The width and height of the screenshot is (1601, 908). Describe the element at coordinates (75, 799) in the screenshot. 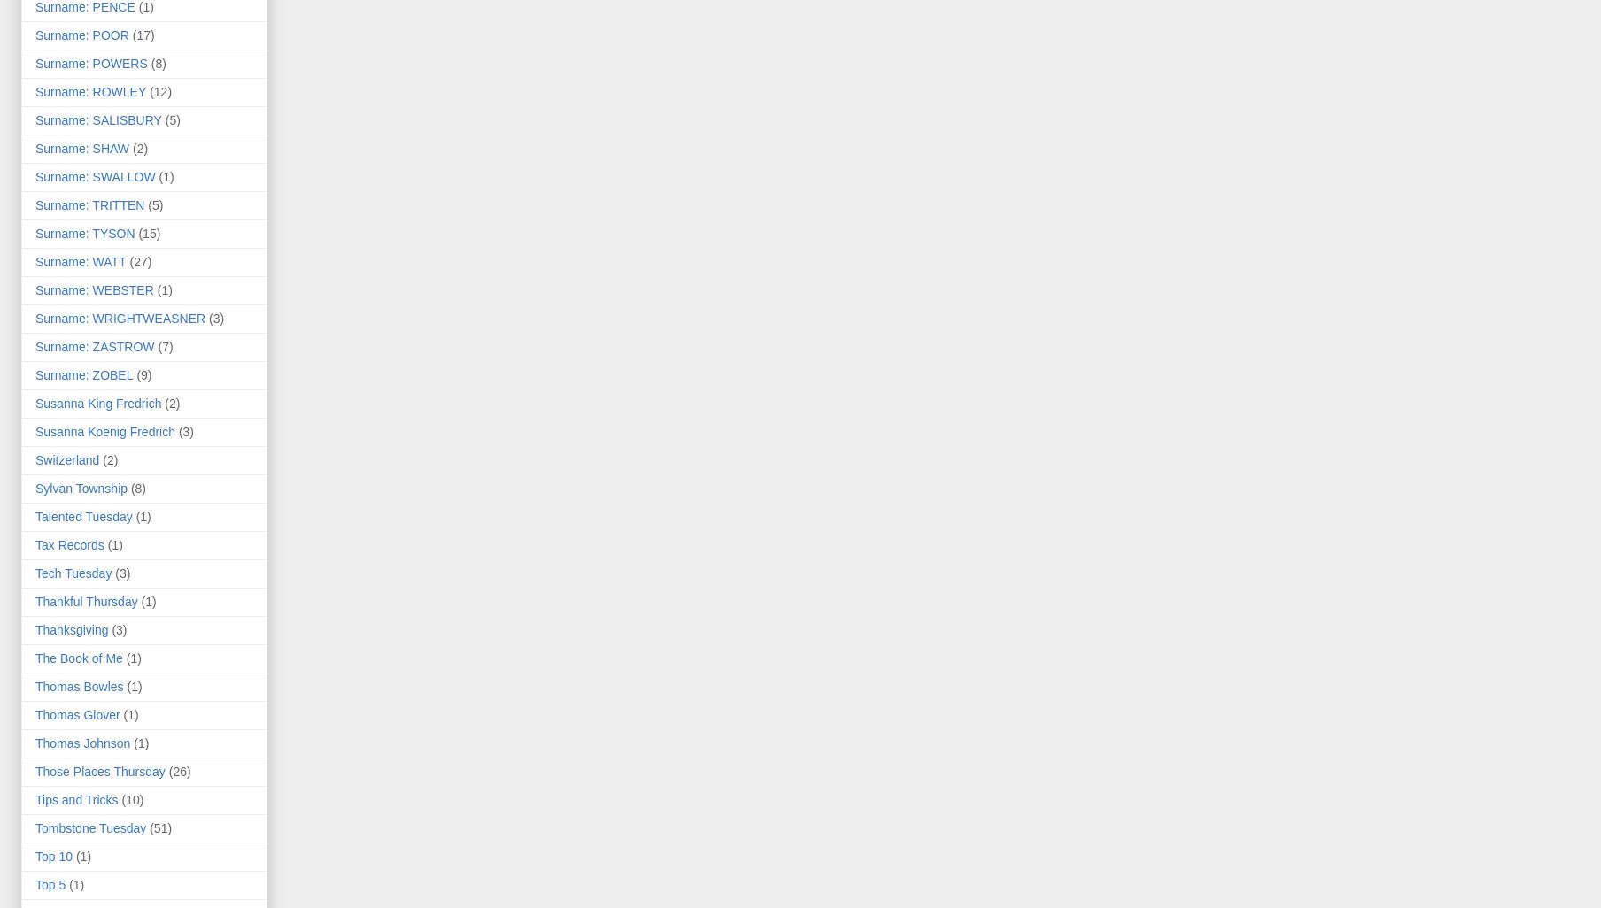

I see `'Tips and Tricks'` at that location.